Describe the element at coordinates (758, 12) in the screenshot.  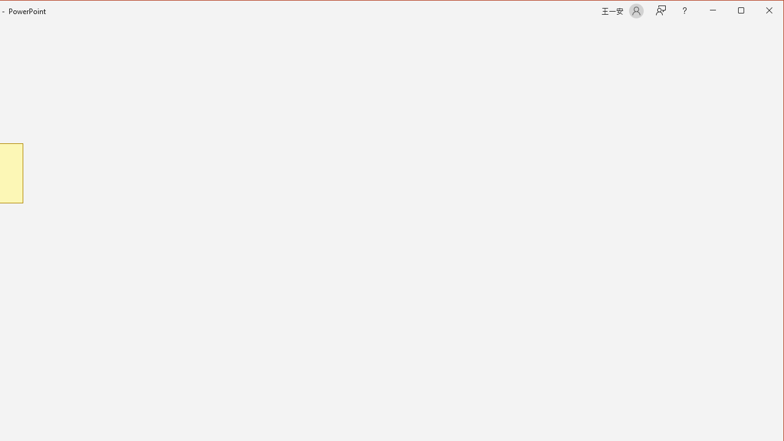
I see `'Maximize'` at that location.